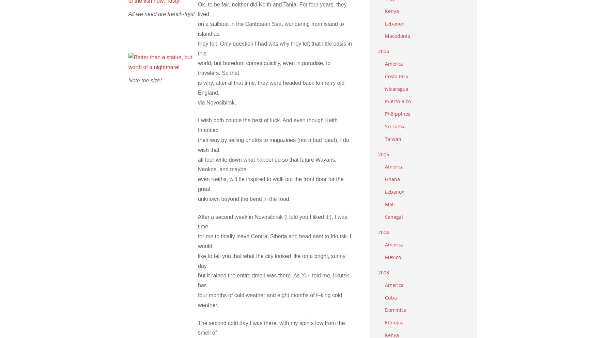 The image size is (603, 338). What do you see at coordinates (198, 241) in the screenshot?
I see `'for me to finally leave Central Siberia and head east to Irkutsk. I would'` at bounding box center [198, 241].